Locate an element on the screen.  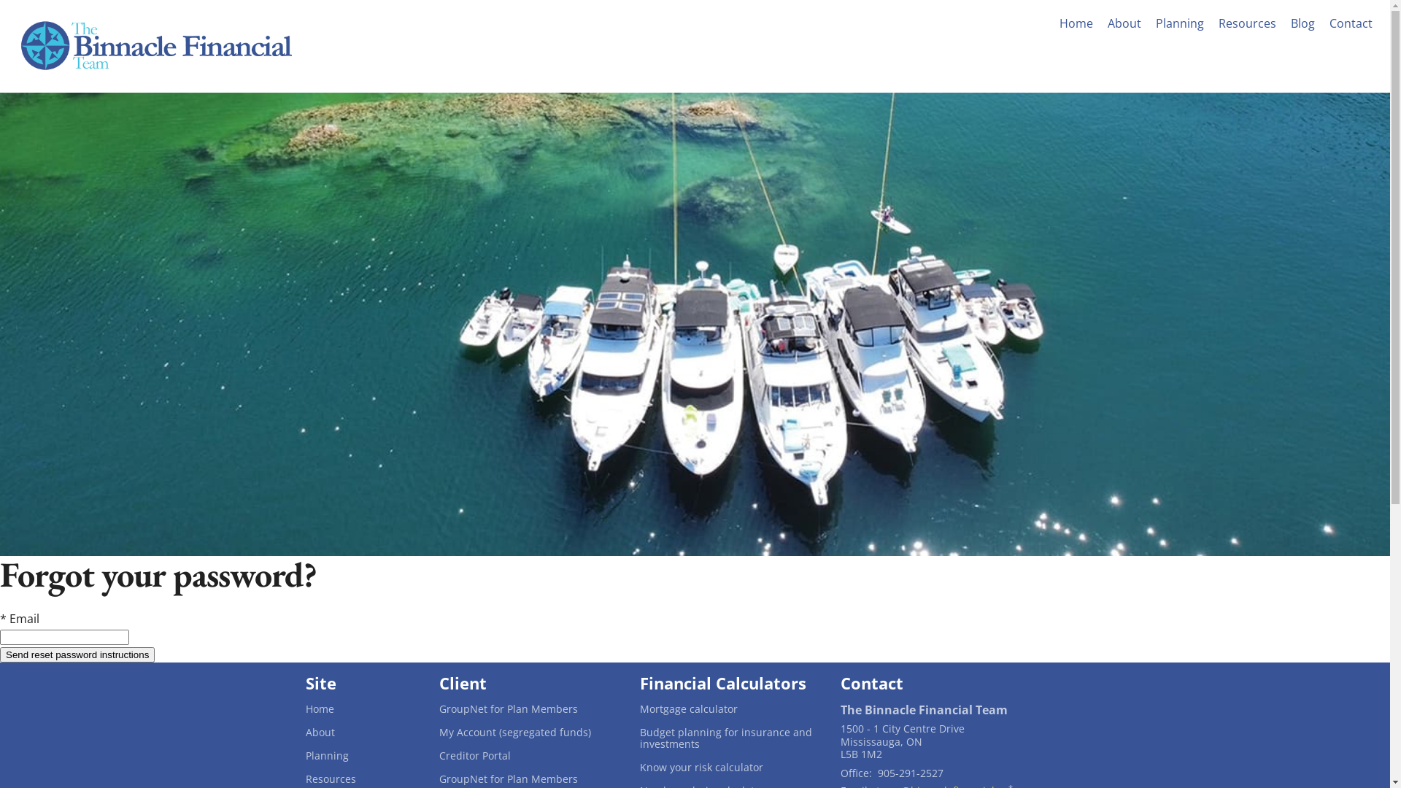
'Blog' is located at coordinates (1302, 23).